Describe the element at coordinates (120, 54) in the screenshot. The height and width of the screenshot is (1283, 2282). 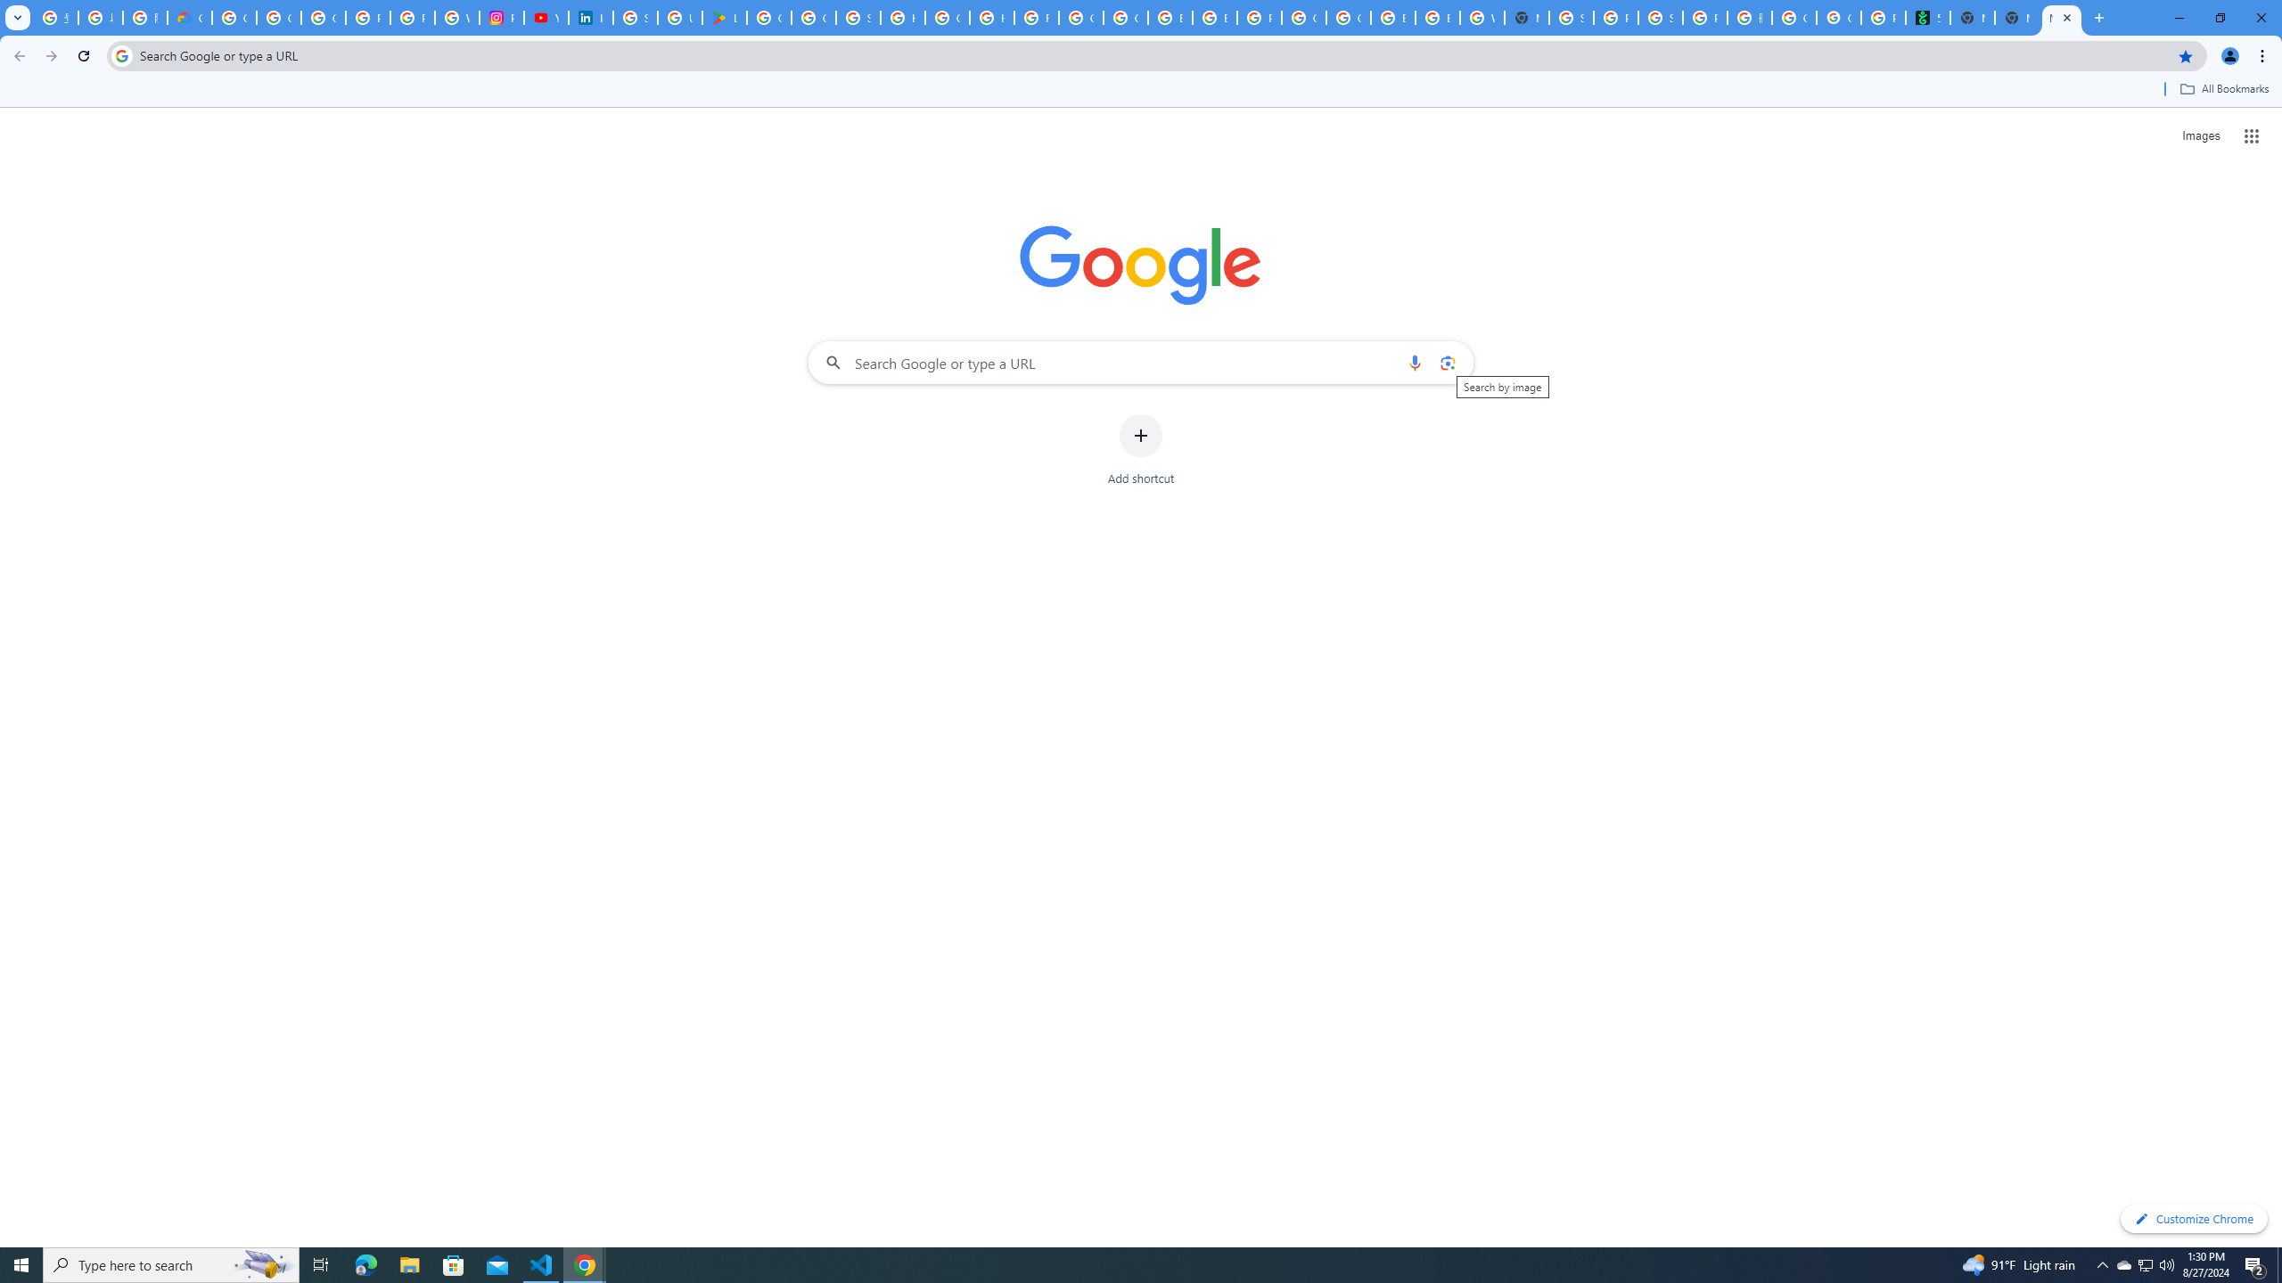
I see `'Search icon'` at that location.